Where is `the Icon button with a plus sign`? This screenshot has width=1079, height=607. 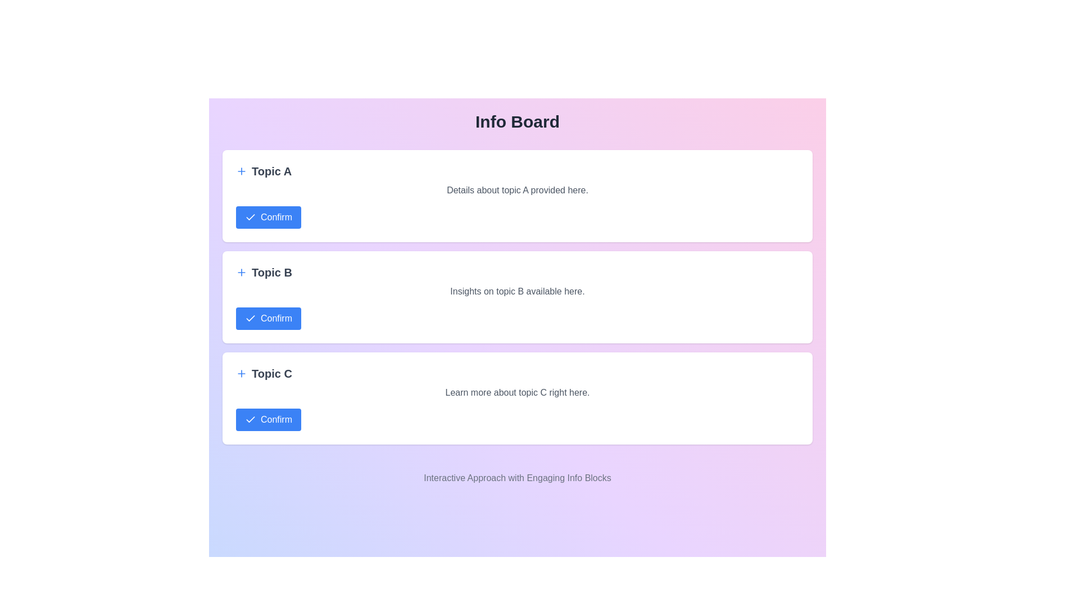
the Icon button with a plus sign is located at coordinates (241, 273).